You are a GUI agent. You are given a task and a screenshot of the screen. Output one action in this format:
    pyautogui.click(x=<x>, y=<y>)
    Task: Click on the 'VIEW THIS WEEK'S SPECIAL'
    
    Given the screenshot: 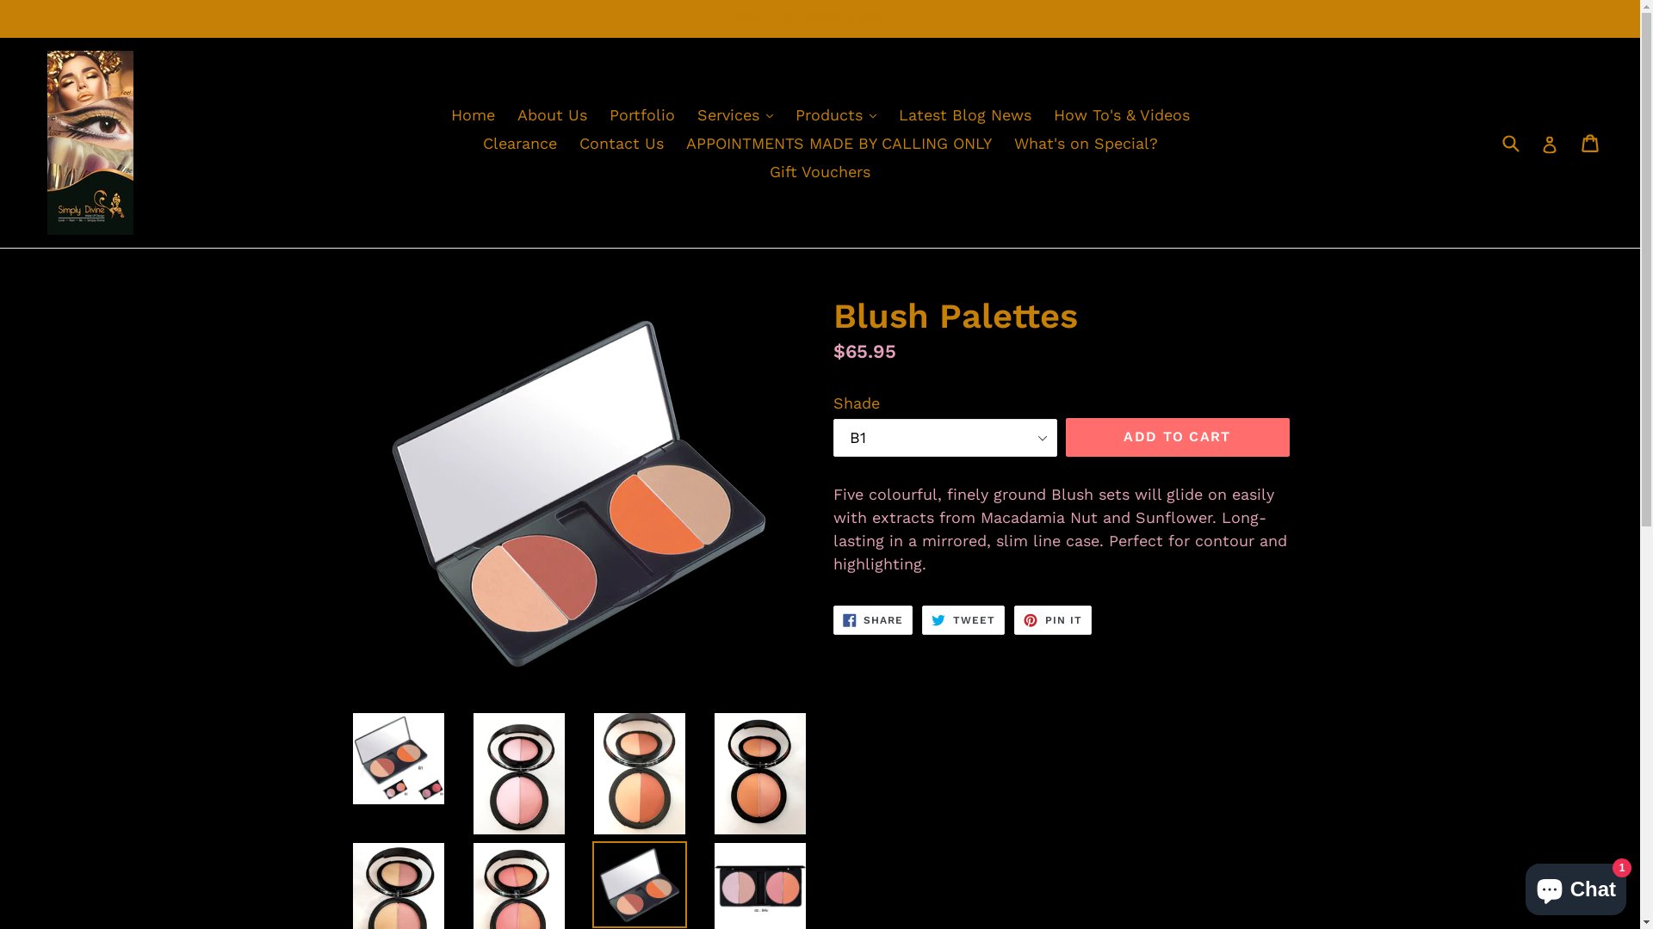 What is the action you would take?
    pyautogui.click(x=819, y=19)
    